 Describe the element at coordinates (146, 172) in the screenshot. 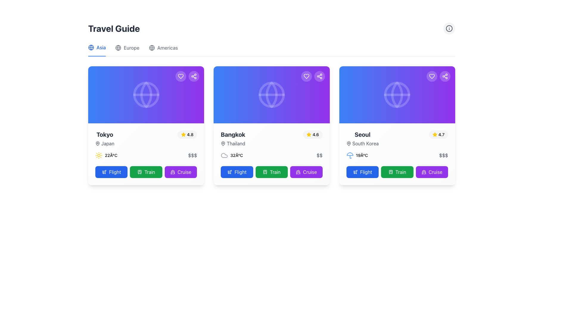

I see `the green rectangular button labeled 'Train' with an icon of a train` at that location.